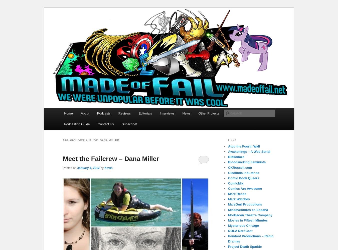 The image size is (338, 250). What do you see at coordinates (228, 162) in the screenshot?
I see `'Bloodsucking Feminists'` at bounding box center [228, 162].